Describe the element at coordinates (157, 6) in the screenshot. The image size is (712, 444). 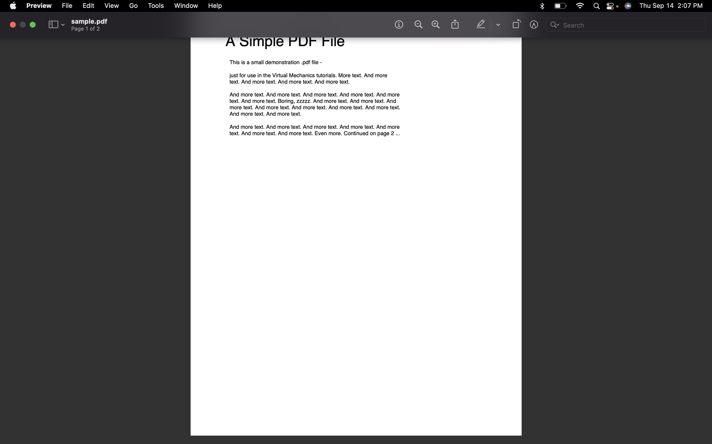
I see `the Tools section` at that location.